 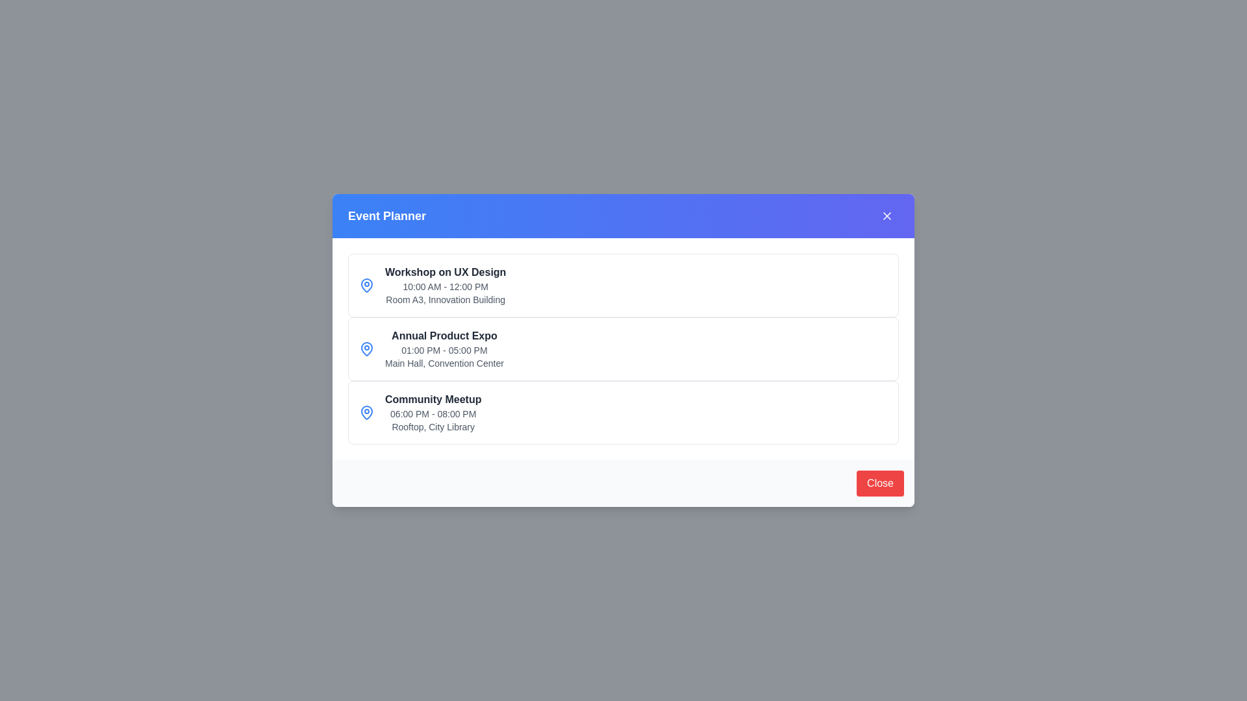 I want to click on 'Close' button in the footer to dismiss the dialog, so click(x=880, y=483).